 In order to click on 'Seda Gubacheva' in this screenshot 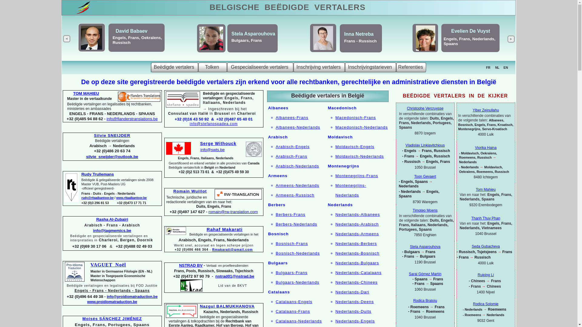, I will do `click(471, 246)`.